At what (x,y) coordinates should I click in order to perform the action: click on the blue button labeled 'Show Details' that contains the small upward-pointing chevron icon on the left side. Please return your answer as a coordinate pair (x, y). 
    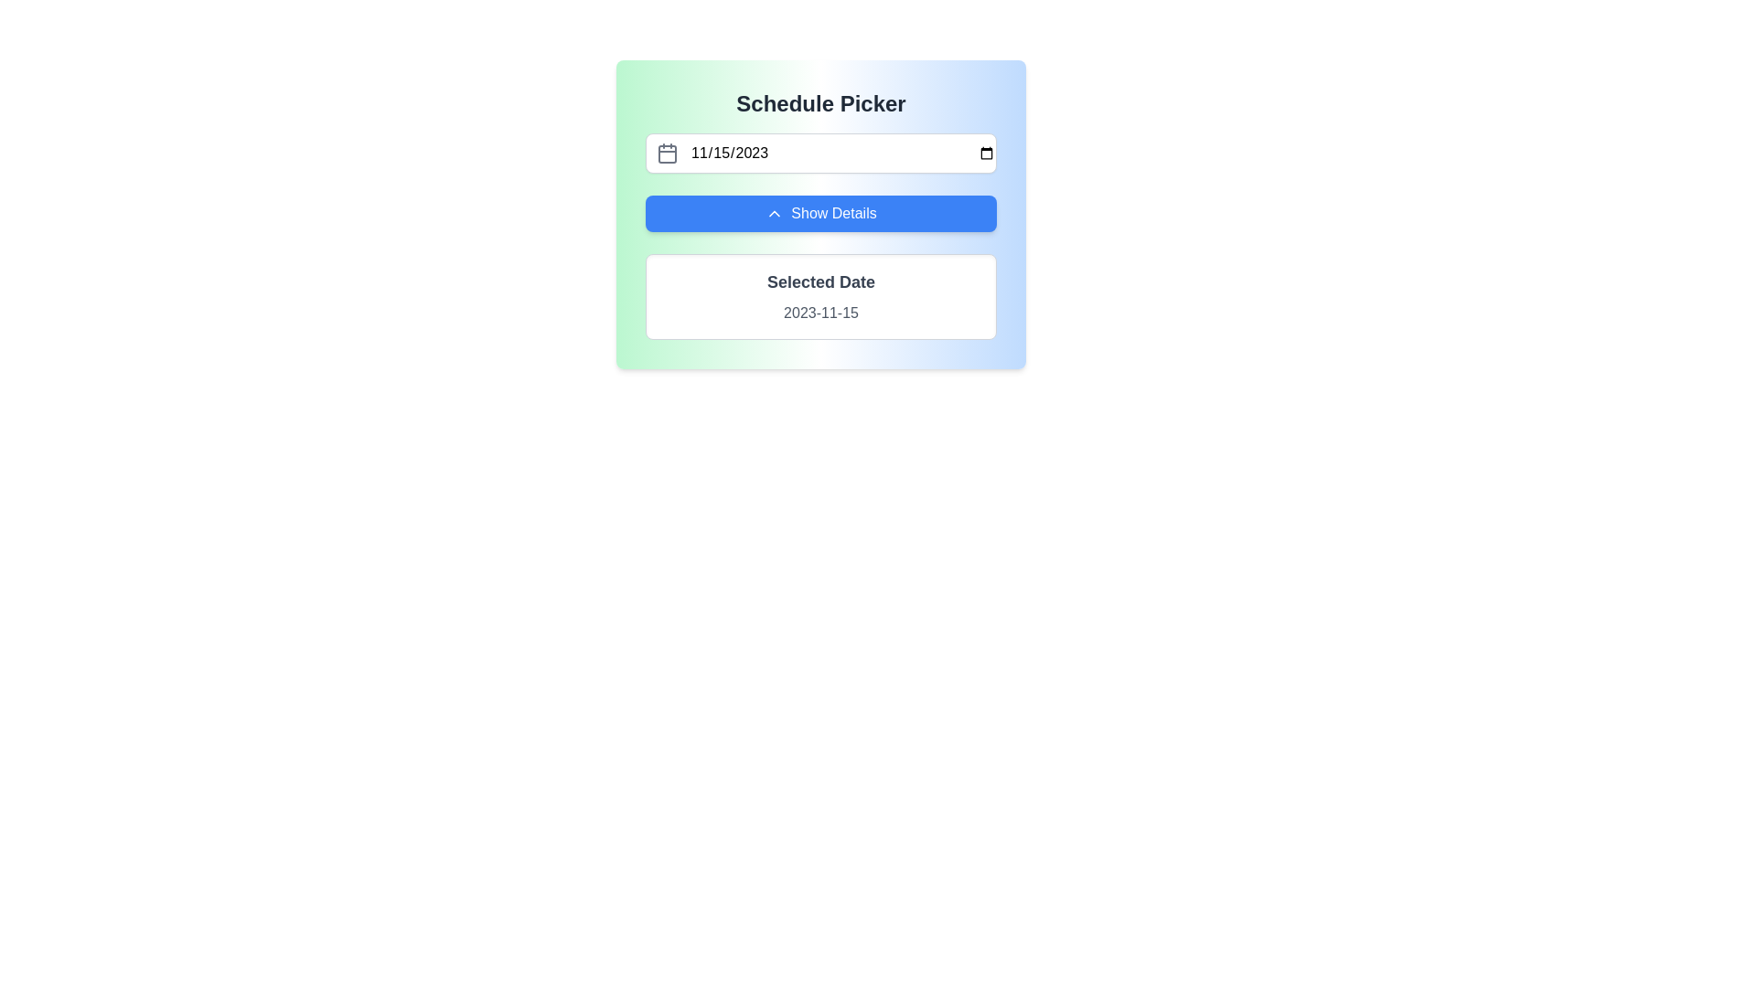
    Looking at the image, I should click on (775, 213).